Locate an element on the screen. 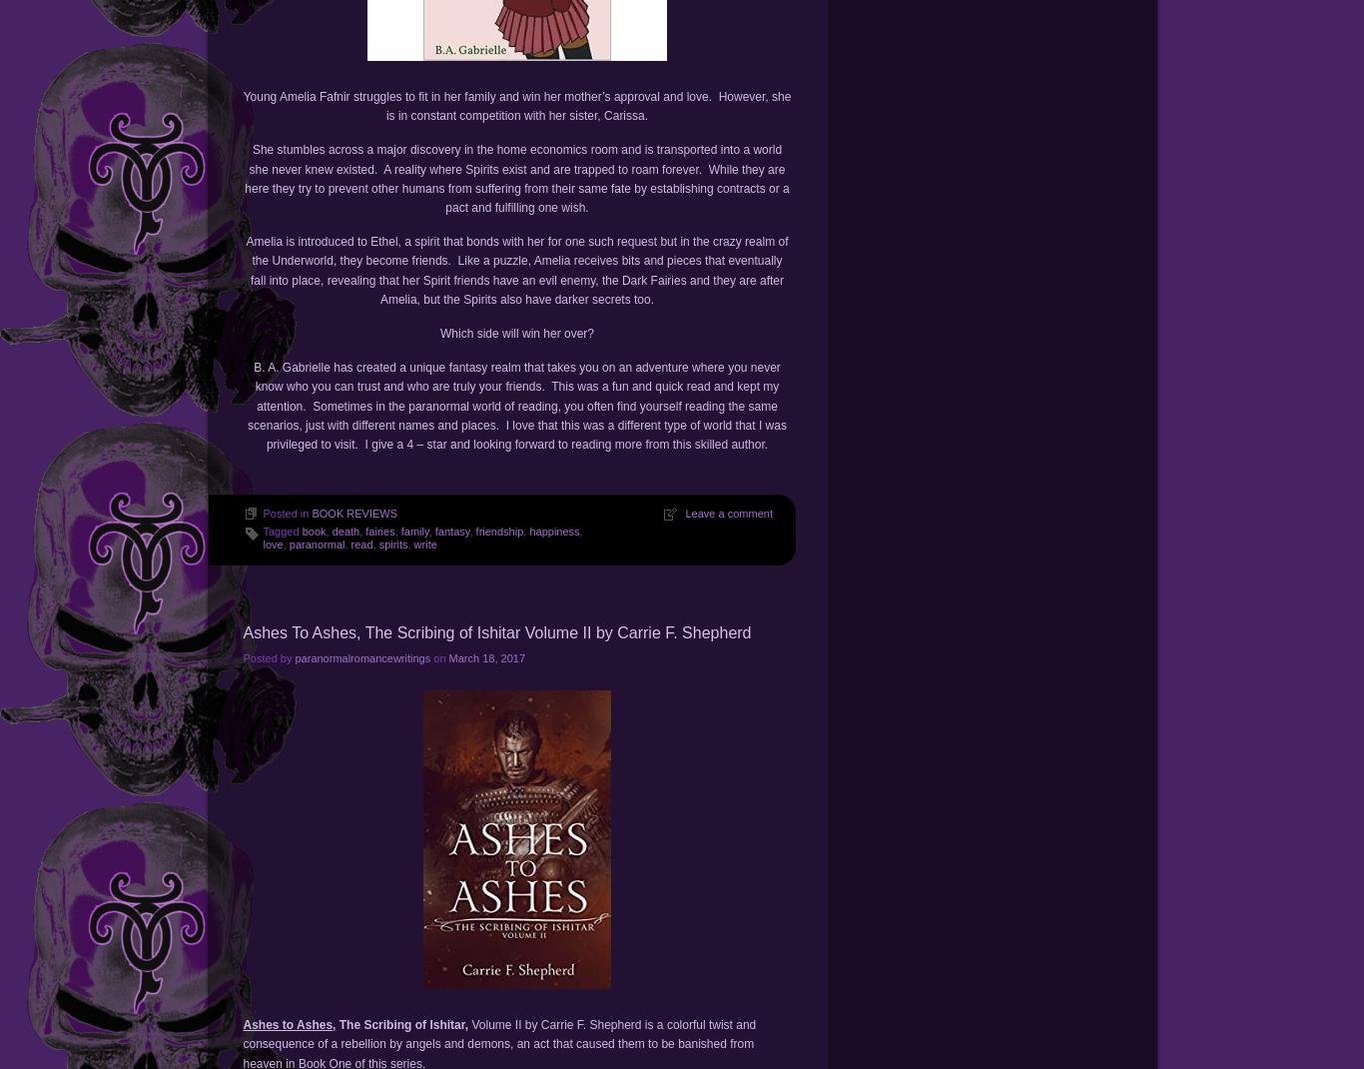 This screenshot has height=1069, width=1364. 'fairies' is located at coordinates (378, 532).